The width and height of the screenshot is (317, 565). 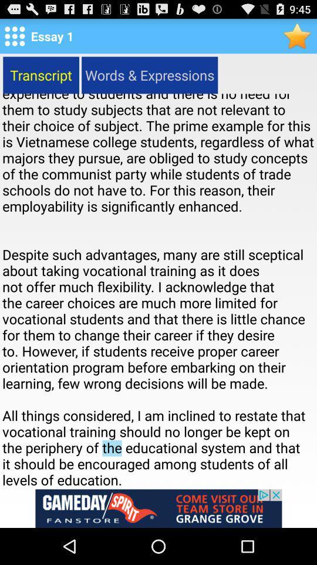 I want to click on star rating, so click(x=298, y=36).